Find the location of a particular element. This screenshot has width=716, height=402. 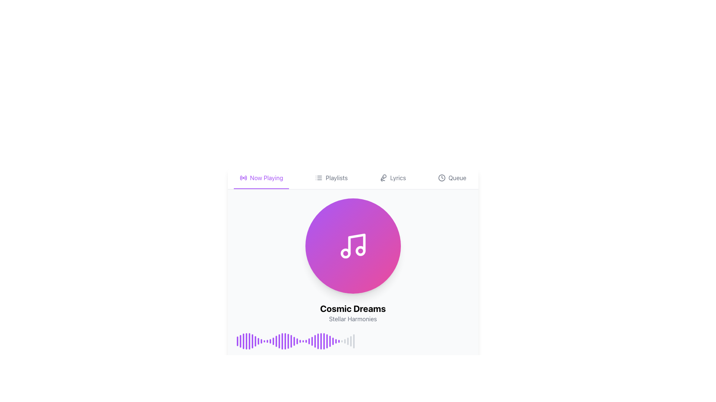

the 12th vertical bar in the waveform visualization, which is a narrow bar with a rounded top and bottom, filled with purple color is located at coordinates (270, 341).